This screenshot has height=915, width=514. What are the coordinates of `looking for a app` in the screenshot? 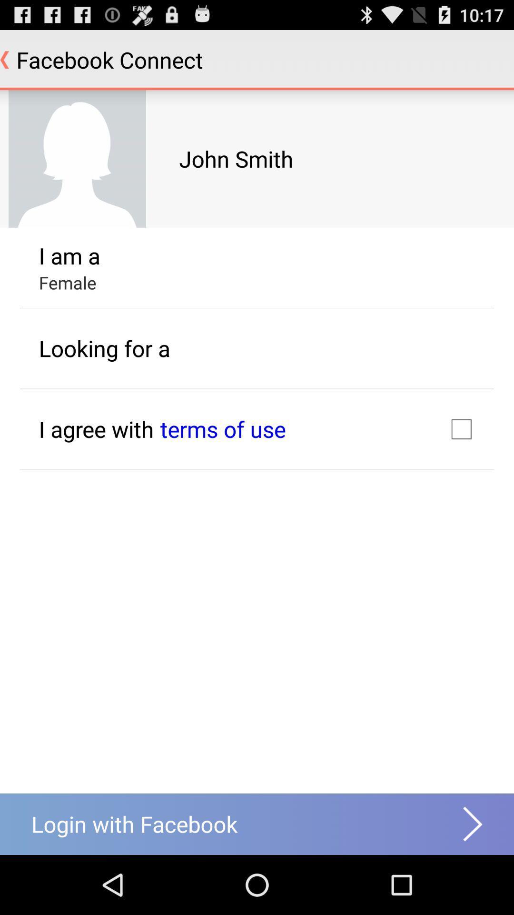 It's located at (104, 347).